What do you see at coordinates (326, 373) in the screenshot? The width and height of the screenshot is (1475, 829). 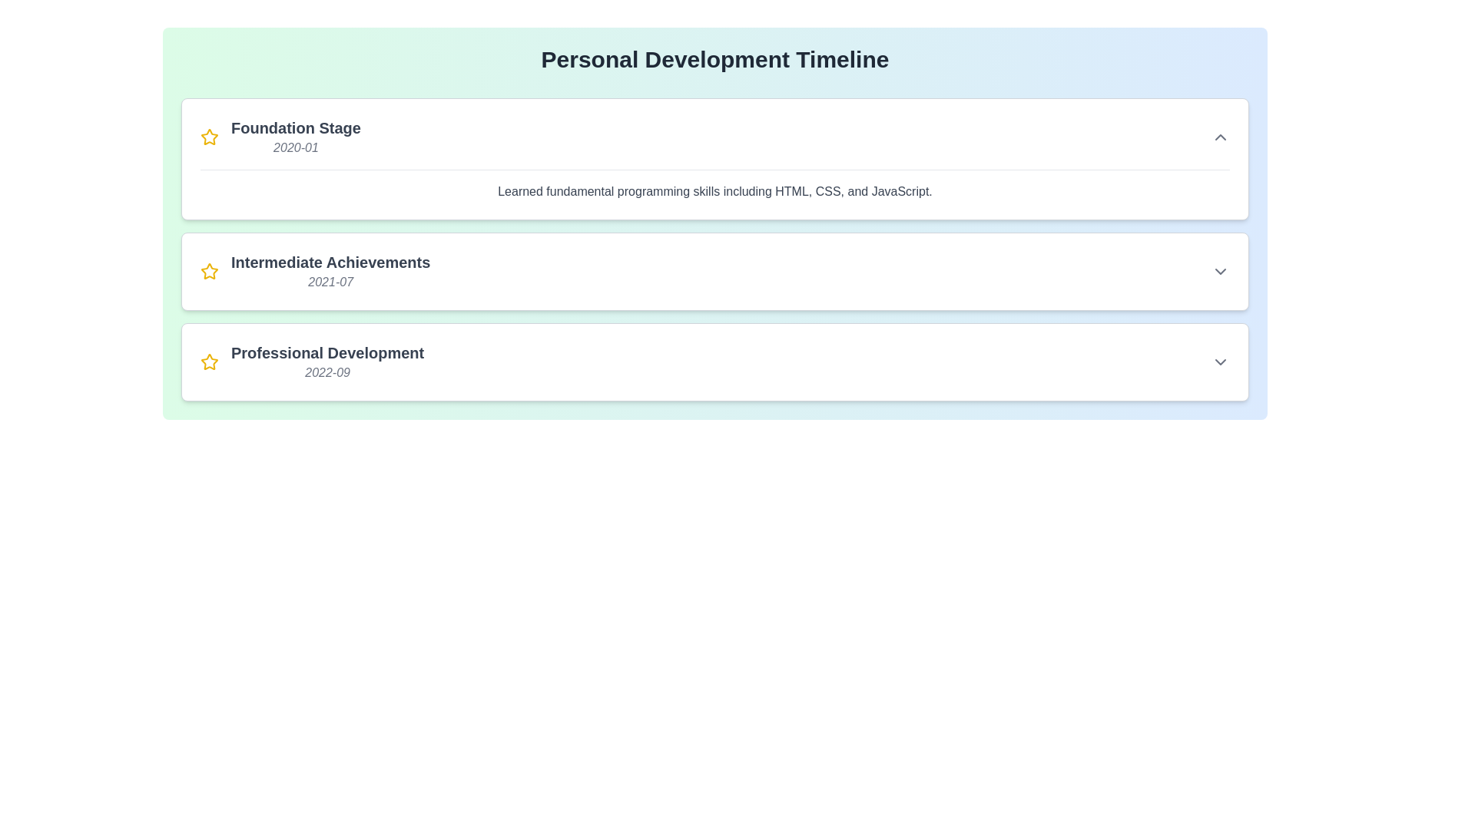 I see `the static text displaying '2022-09' in gray and italicized font, located centrally below the heading 'Professional Development'` at bounding box center [326, 373].